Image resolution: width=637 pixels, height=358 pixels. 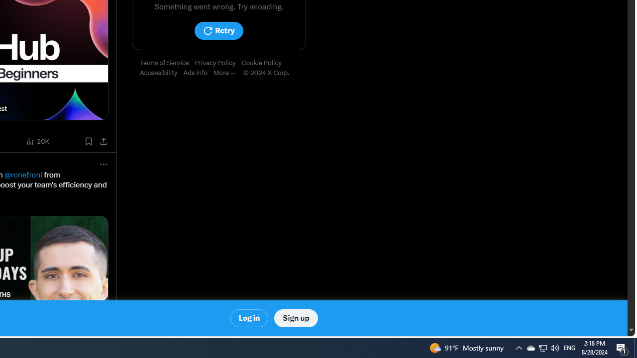 What do you see at coordinates (38, 141) in the screenshot?
I see `'20811 views. View post analytics'` at bounding box center [38, 141].